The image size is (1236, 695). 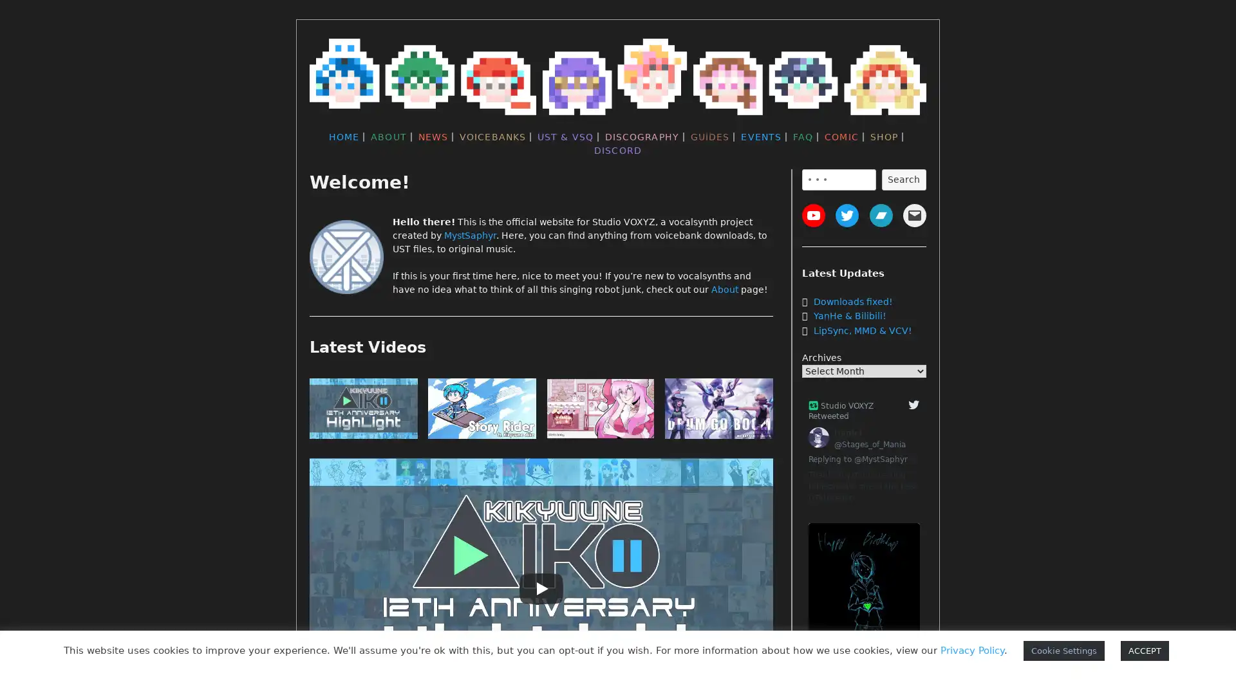 I want to click on Search, so click(x=903, y=179).